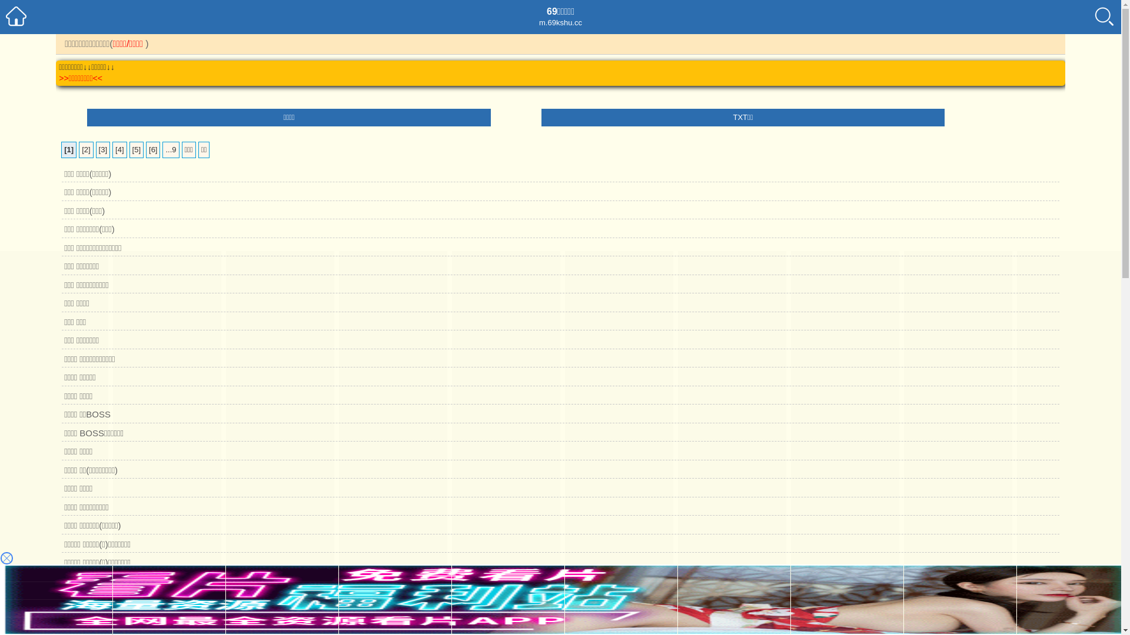 The height and width of the screenshot is (635, 1130). Describe the element at coordinates (102, 149) in the screenshot. I see `'[3]'` at that location.